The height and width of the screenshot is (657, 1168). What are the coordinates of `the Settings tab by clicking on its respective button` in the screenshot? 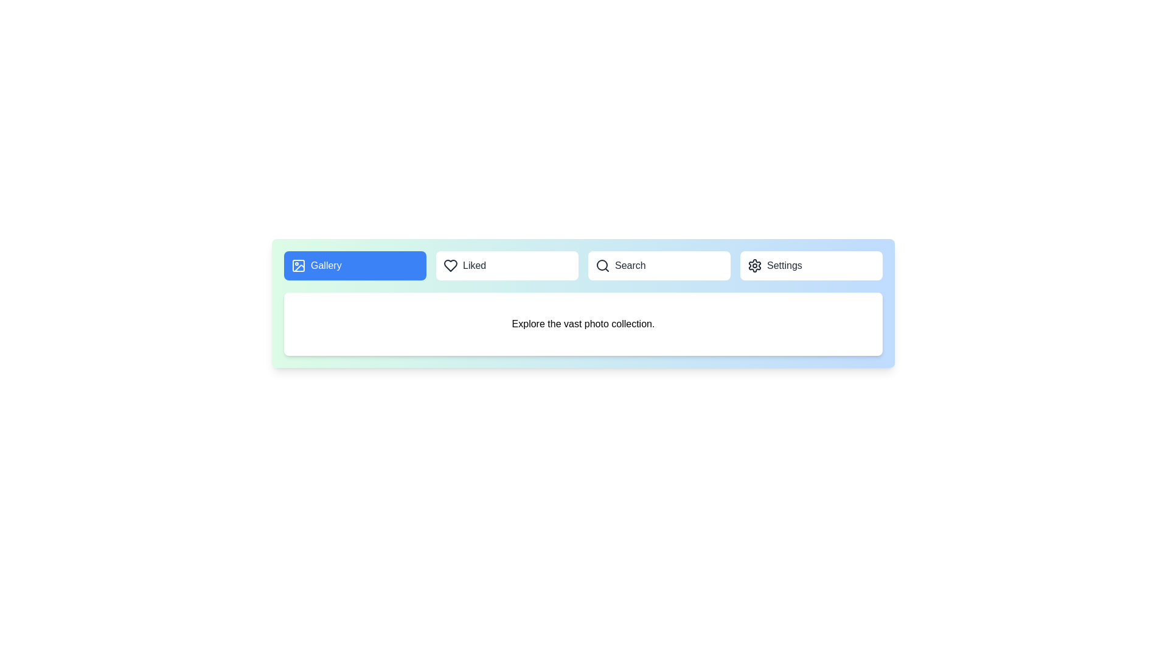 It's located at (812, 265).